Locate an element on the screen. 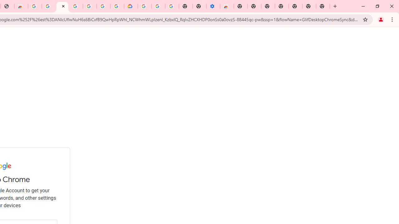 This screenshot has height=224, width=399. 'Chrome Web Store - Household' is located at coordinates (21, 6).